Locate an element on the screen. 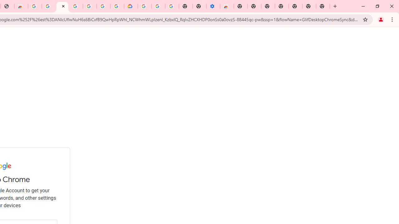 This screenshot has height=224, width=399. 'Chrome Web Store - Household' is located at coordinates (21, 6).